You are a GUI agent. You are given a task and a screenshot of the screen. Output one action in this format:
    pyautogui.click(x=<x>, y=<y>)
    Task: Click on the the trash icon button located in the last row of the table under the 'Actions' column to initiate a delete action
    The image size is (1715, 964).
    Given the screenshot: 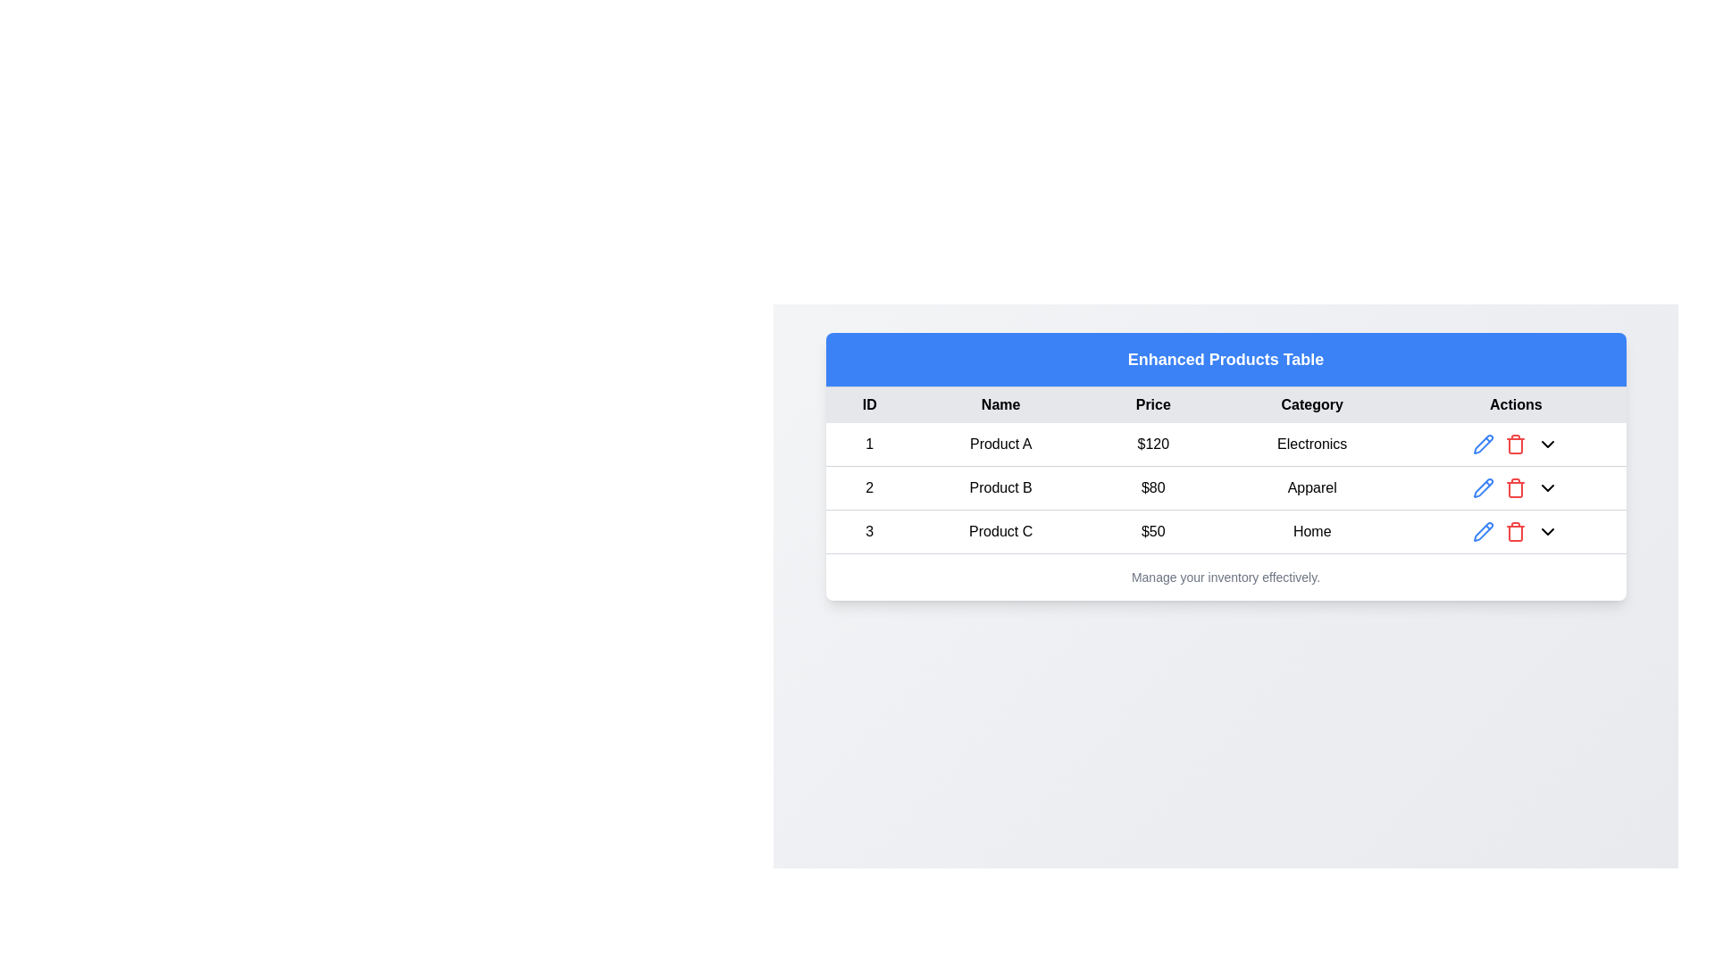 What is the action you would take?
    pyautogui.click(x=1515, y=531)
    